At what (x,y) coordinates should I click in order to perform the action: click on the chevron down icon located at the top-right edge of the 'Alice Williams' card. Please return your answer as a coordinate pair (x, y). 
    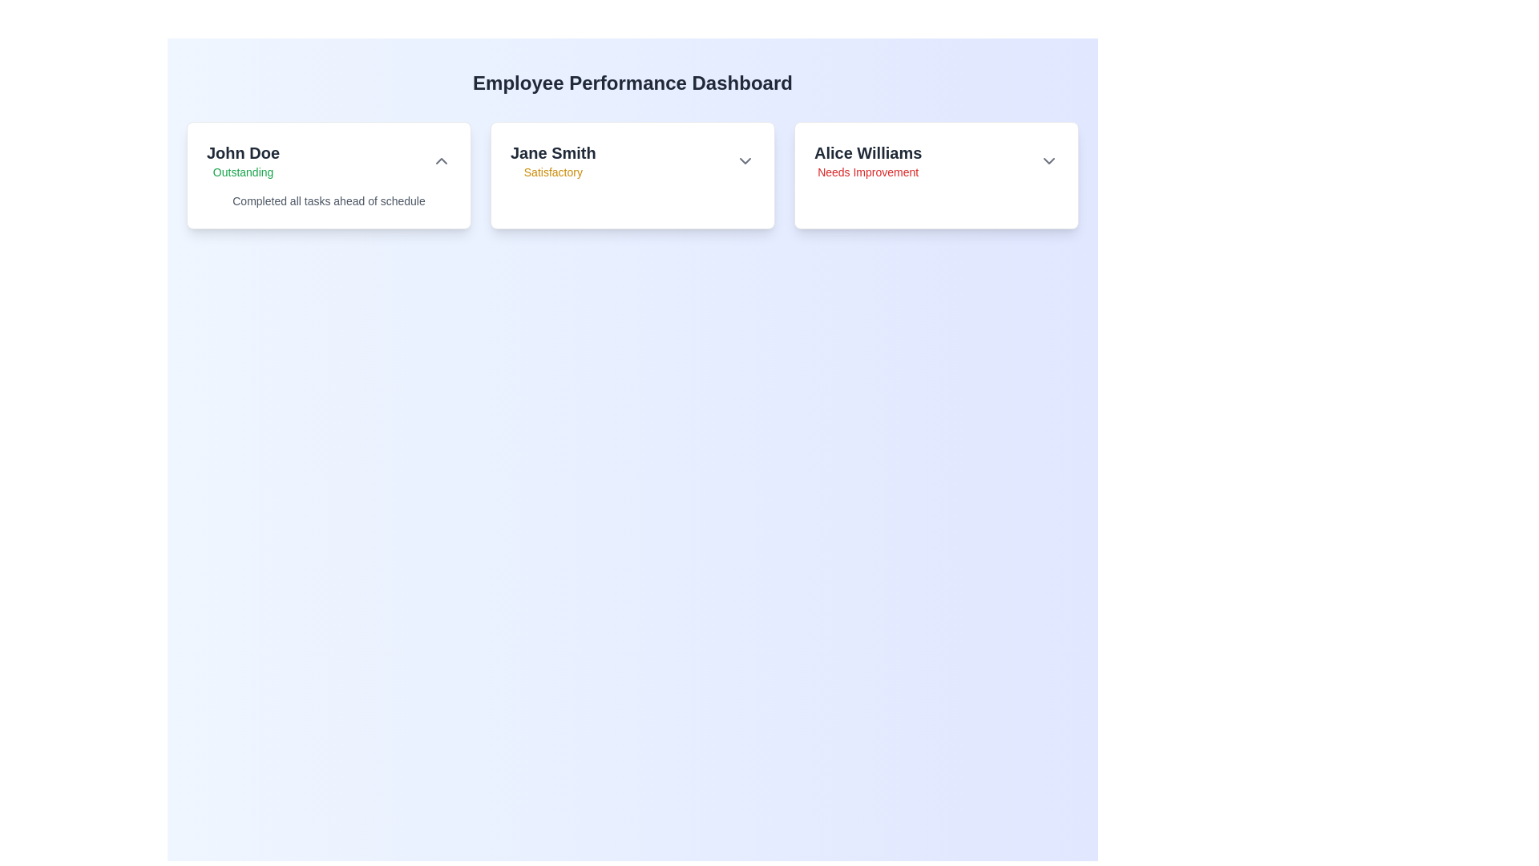
    Looking at the image, I should click on (1049, 160).